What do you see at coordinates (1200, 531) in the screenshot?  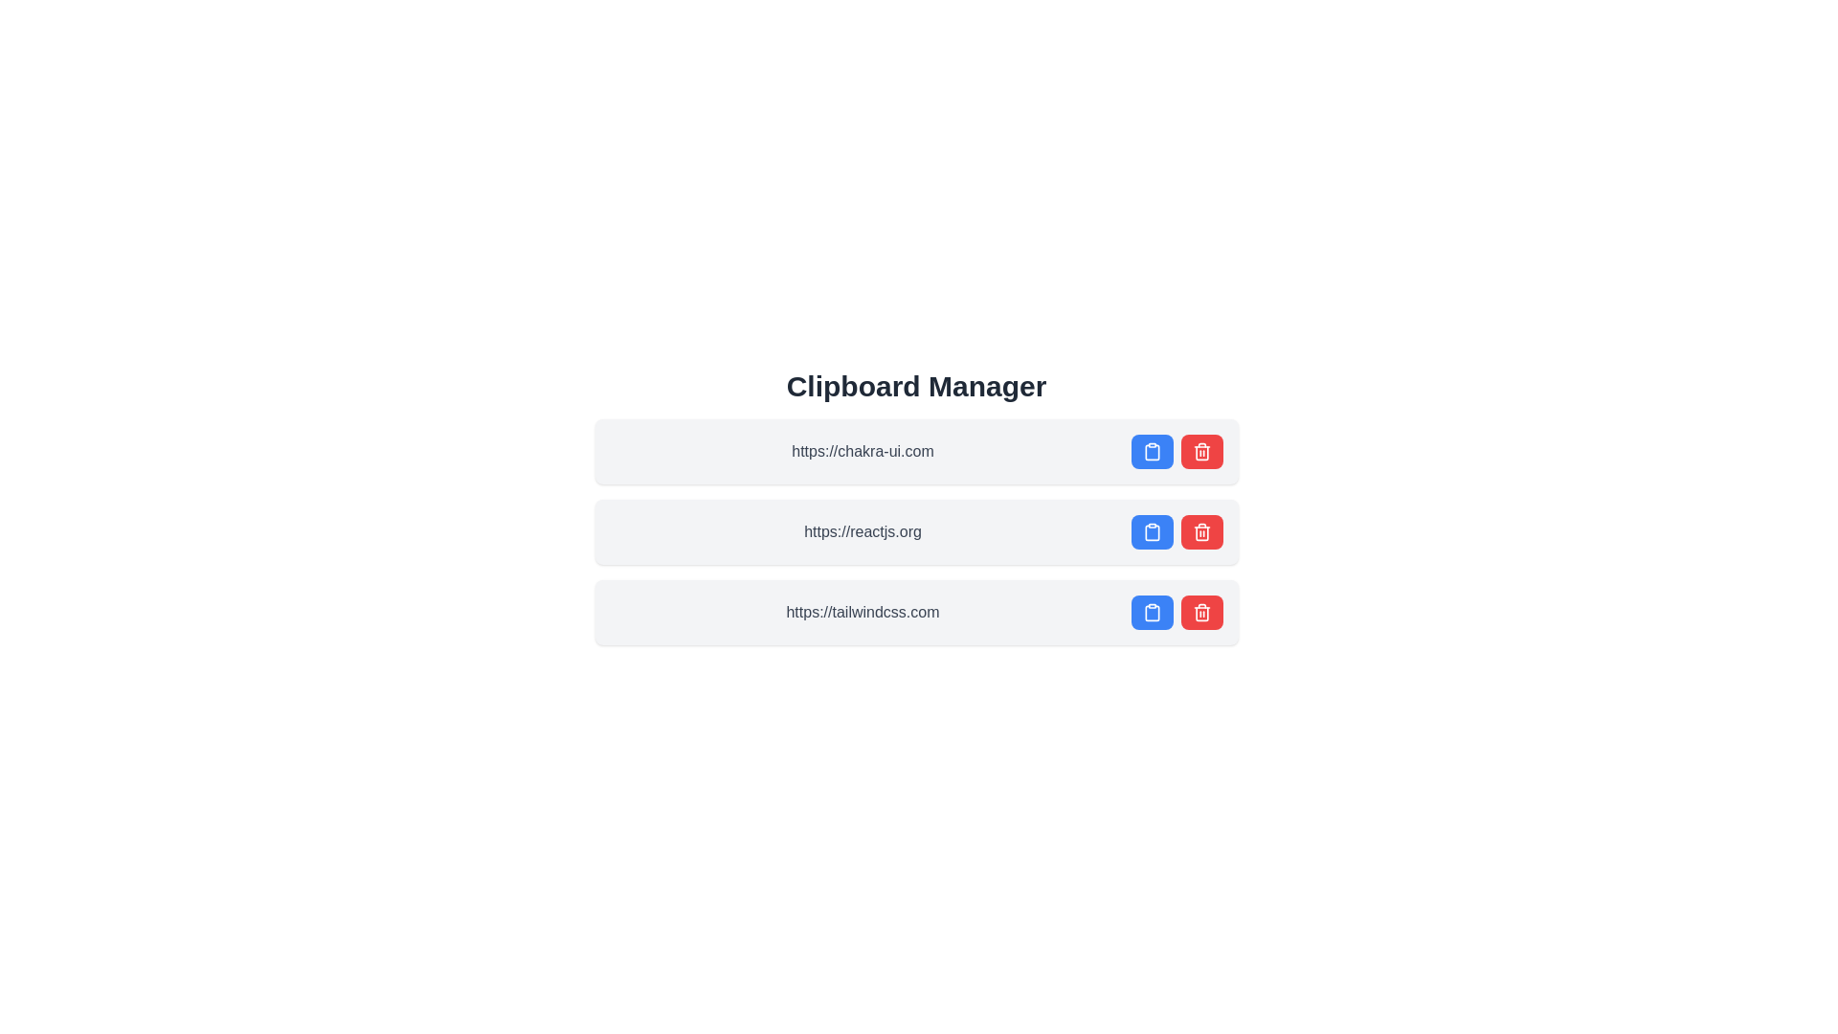 I see `the delete action button located on the right side of the list item` at bounding box center [1200, 531].